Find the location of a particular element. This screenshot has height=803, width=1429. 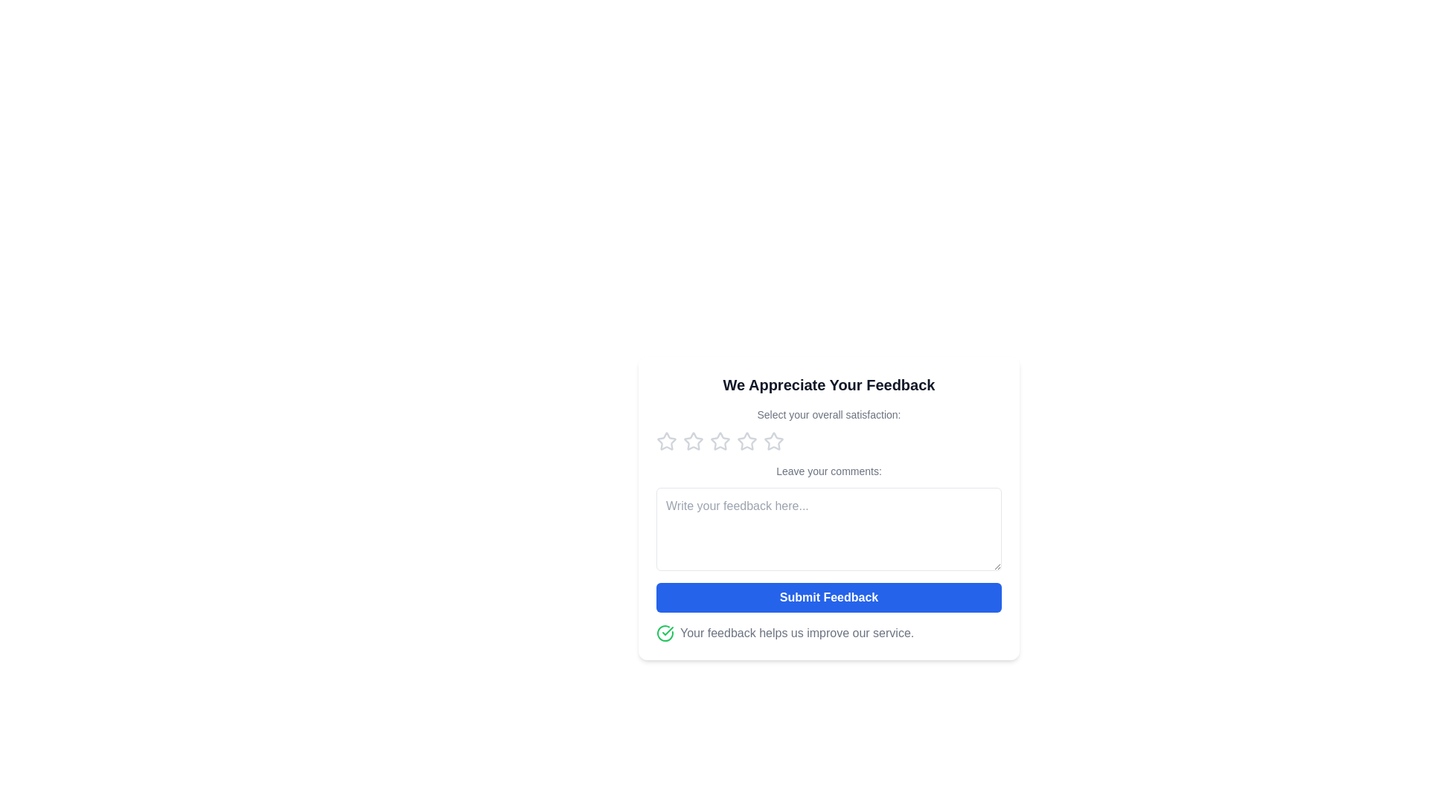

the checkmark icon element styled with a green stroke, located near the bottom-right of the feedback form, confirming an action or status is located at coordinates (667, 631).